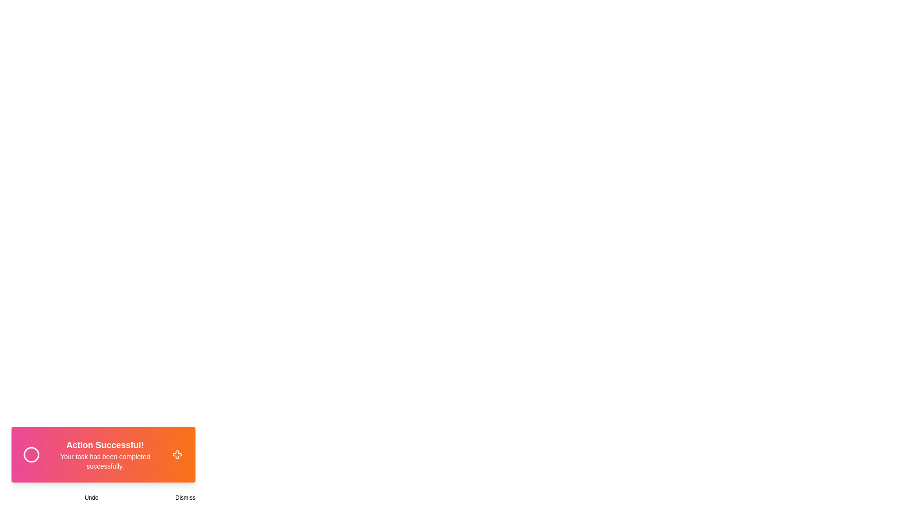 The width and height of the screenshot is (920, 517). I want to click on the Dismiss button to dismiss the snackbar, so click(185, 497).